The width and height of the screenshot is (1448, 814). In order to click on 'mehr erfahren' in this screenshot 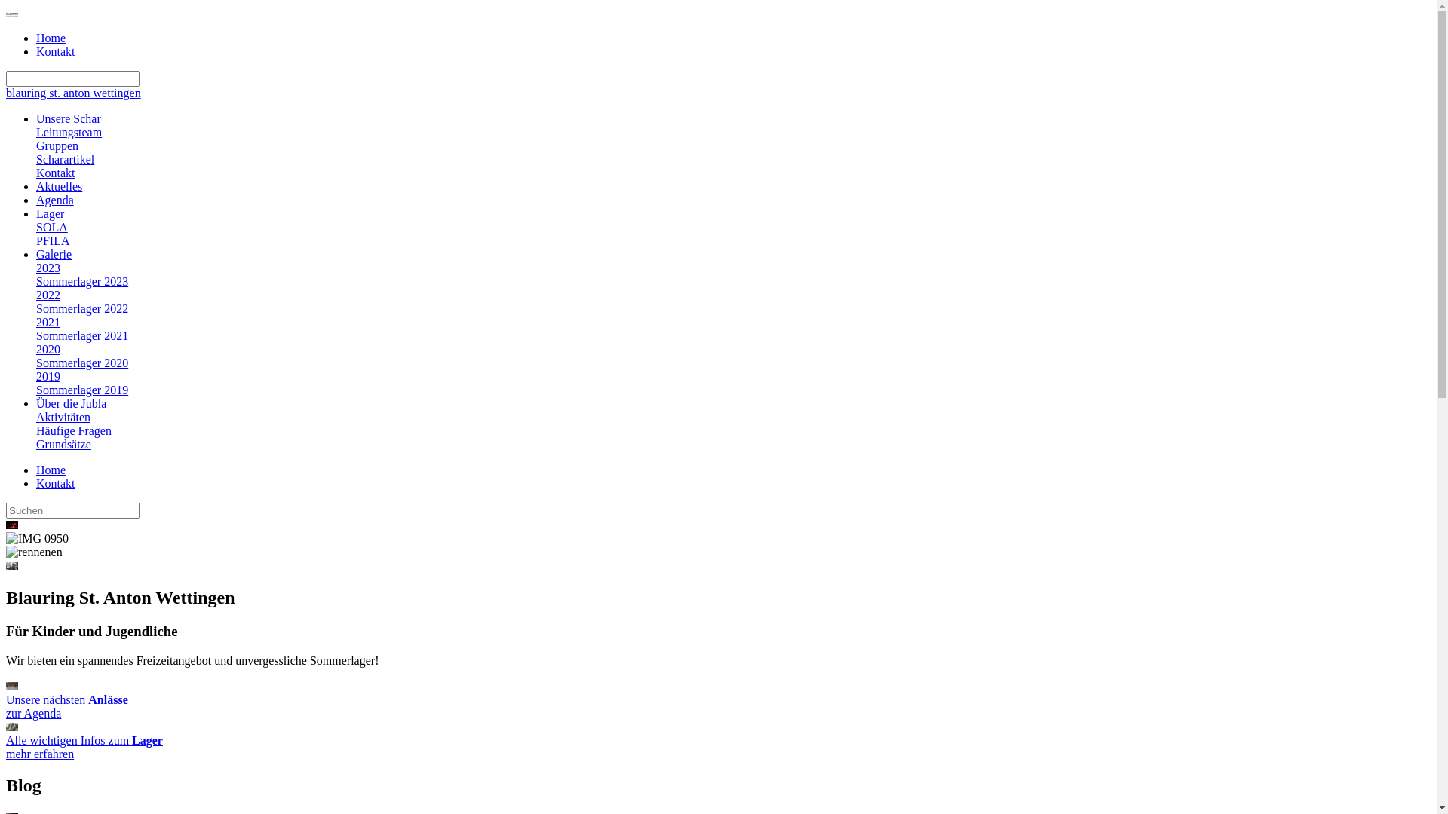, I will do `click(39, 754)`.